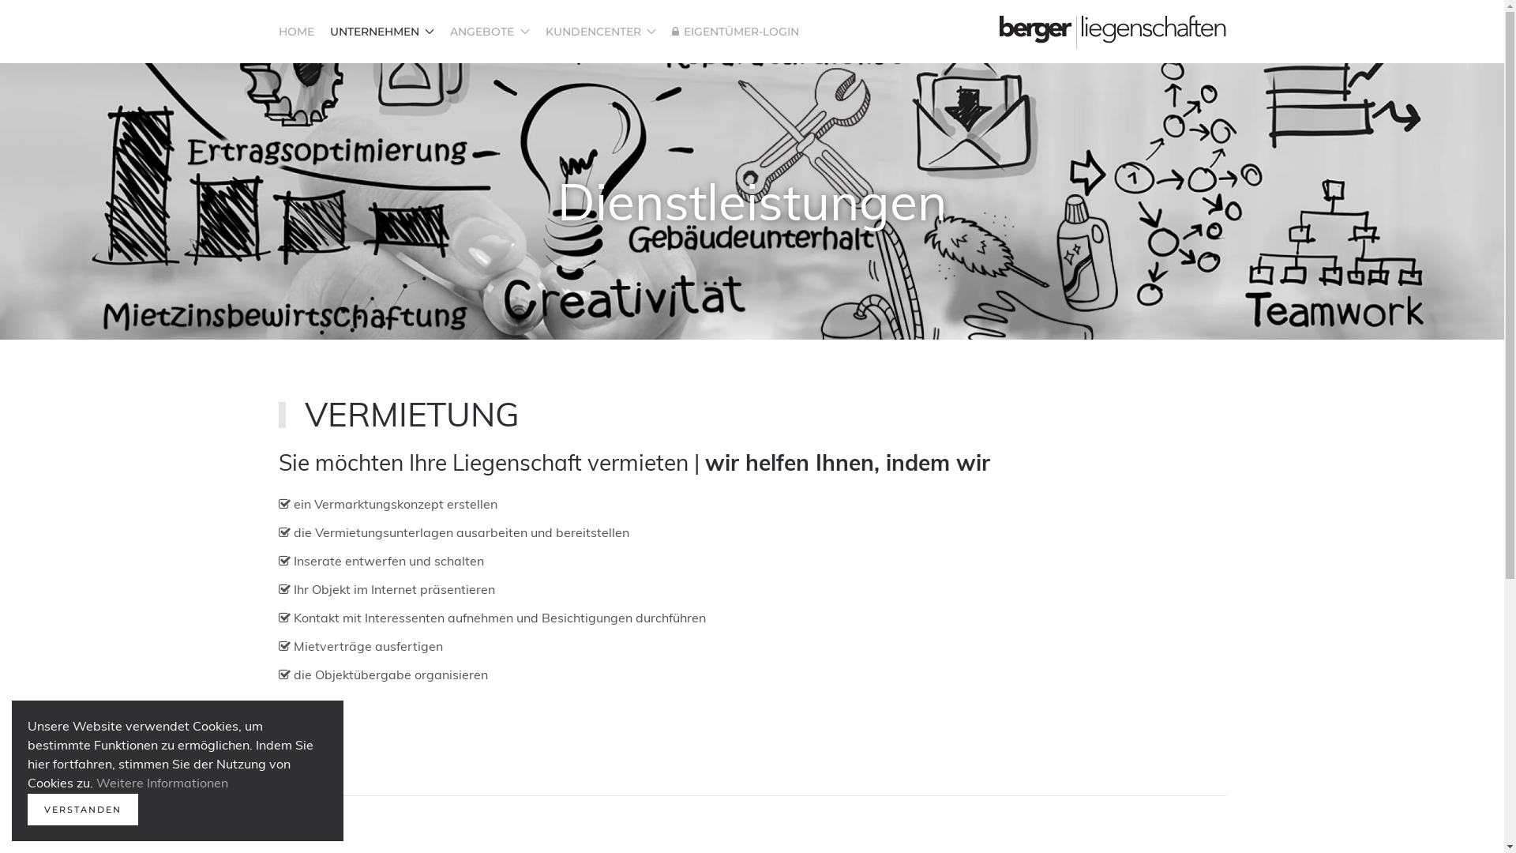  Describe the element at coordinates (95, 783) in the screenshot. I see `'Weitere Informationen'` at that location.